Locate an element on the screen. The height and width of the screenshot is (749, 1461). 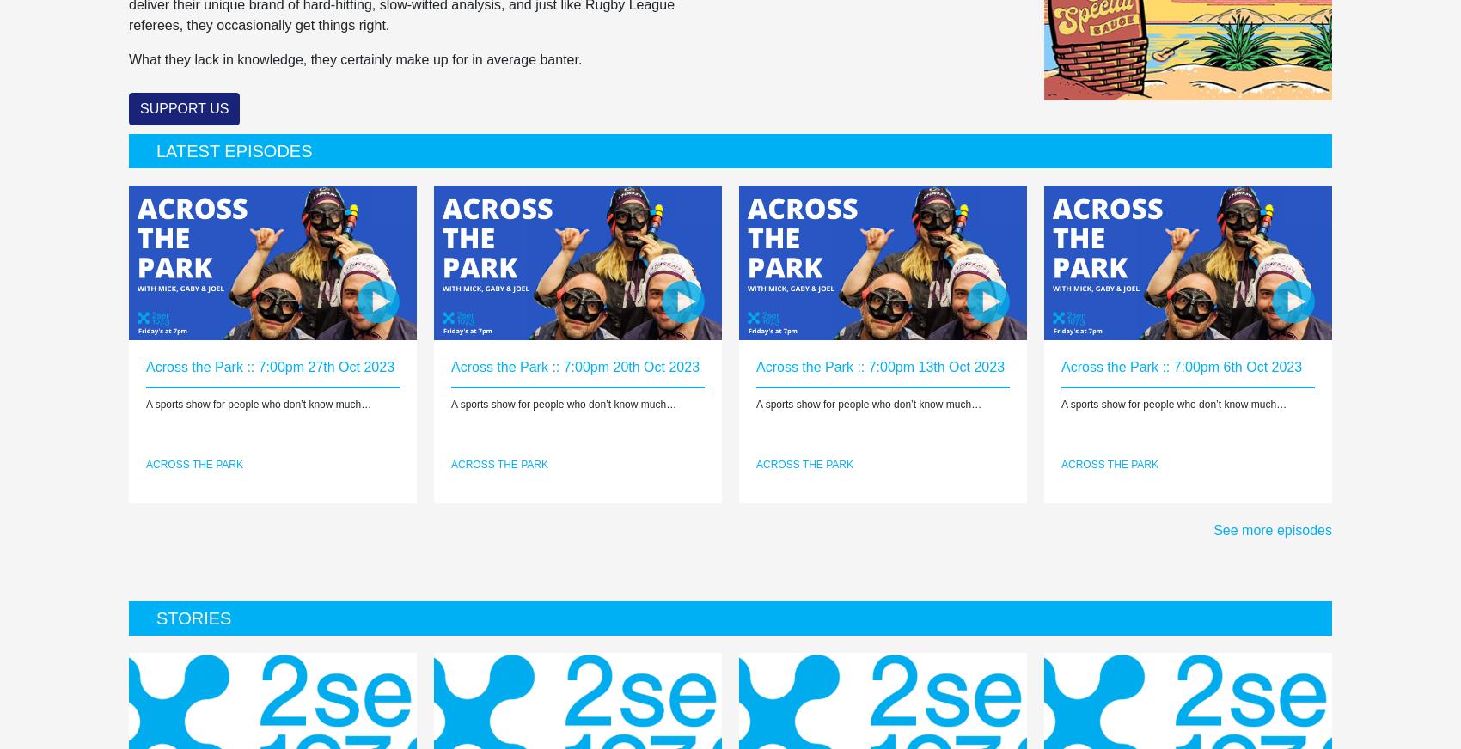
'Across the Park ::  7:00pm 13th Oct 2023' is located at coordinates (879, 366).